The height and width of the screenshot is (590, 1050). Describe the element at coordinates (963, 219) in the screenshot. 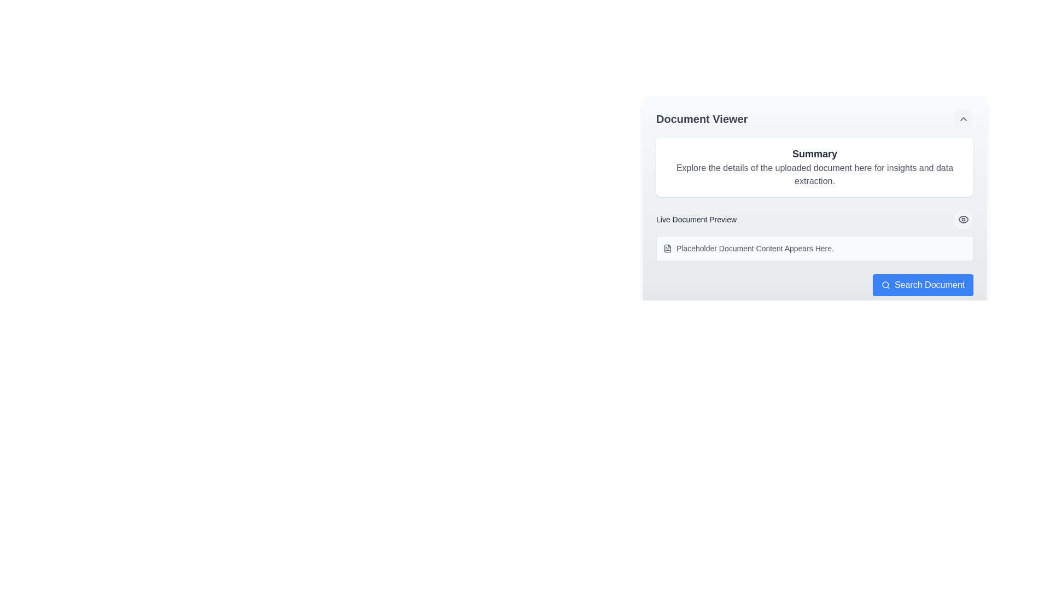

I see `the visibility toggle icon located in the top-right corner of the document viewer interface to trigger hover effects` at that location.